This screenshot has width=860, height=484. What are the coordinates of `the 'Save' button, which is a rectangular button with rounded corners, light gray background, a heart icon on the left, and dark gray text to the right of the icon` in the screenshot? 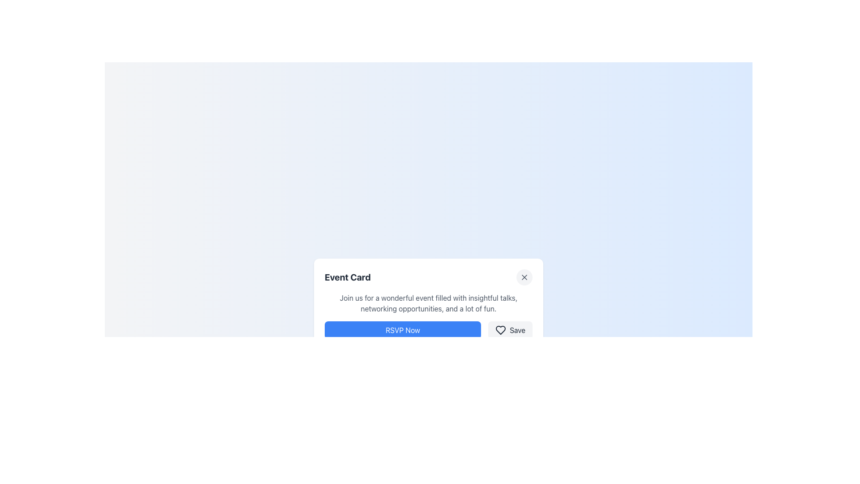 It's located at (510, 330).